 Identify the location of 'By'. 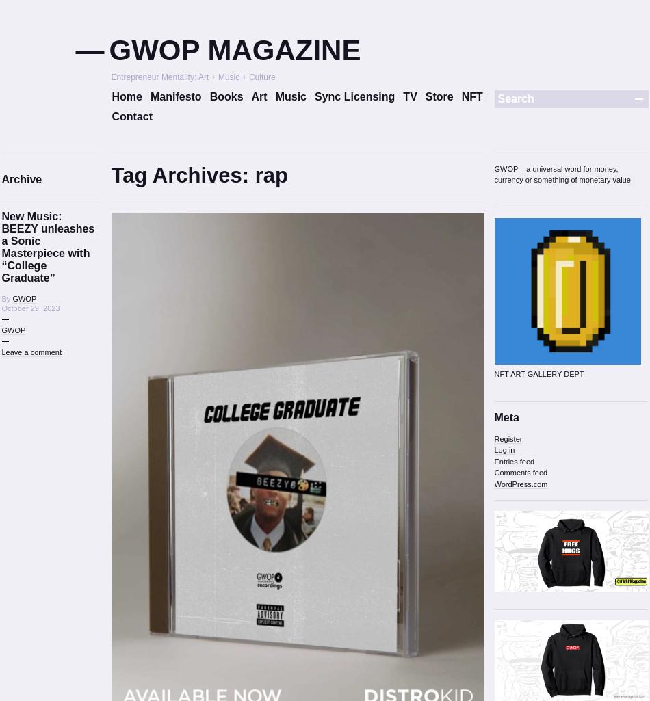
(6, 297).